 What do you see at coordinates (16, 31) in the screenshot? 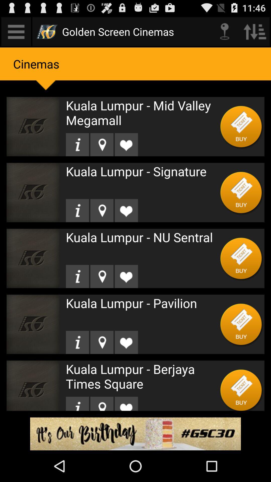
I see `menu option` at bounding box center [16, 31].